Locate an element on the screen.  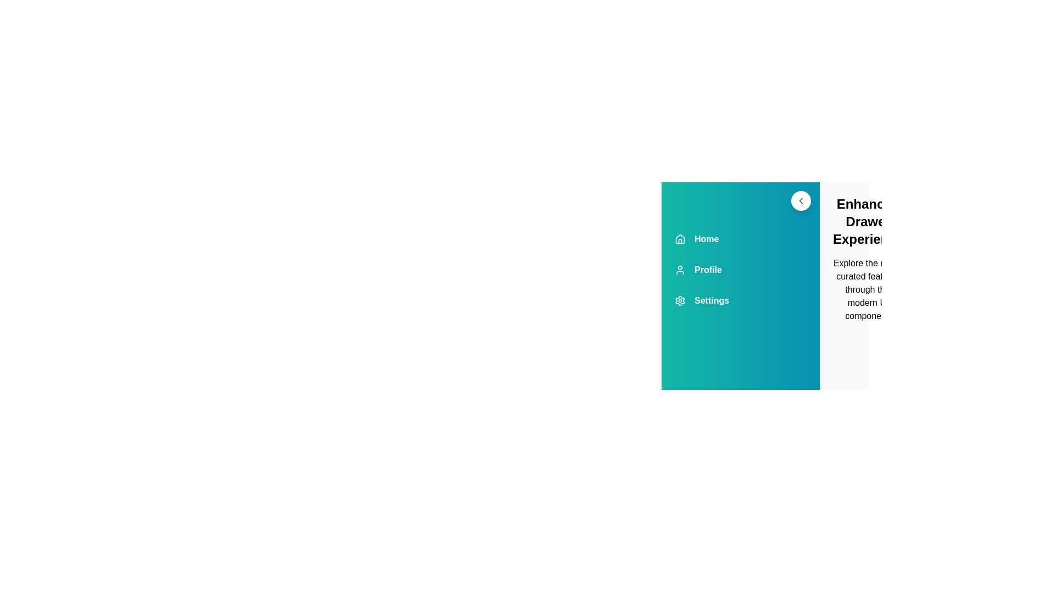
the navigation item Settings to preview its interaction is located at coordinates (741, 300).